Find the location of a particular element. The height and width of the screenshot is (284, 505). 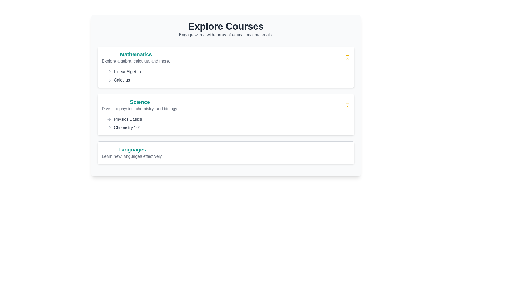

the 'Calculus I' hyperlink, which is styled in gray and changes to indigo when hovered, located in the 'Mathematics' section under 'Linear Algebra' is located at coordinates (123, 80).